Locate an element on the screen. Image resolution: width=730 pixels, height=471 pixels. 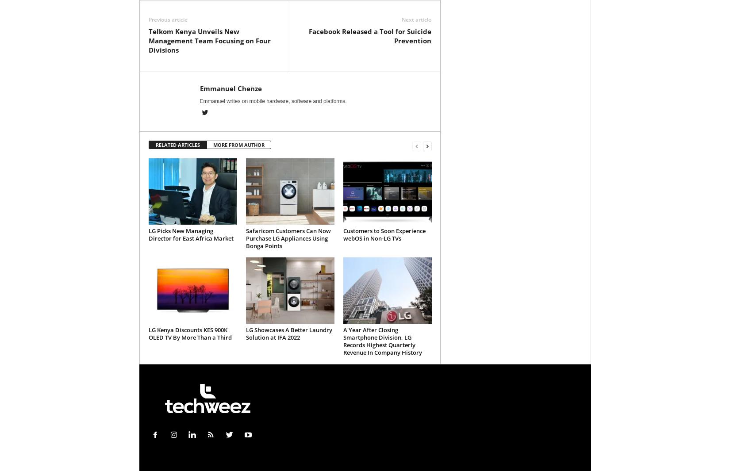
'Safaricom Customers Can Now Purchase LG Appliances Using Bonga Points' is located at coordinates (287, 238).